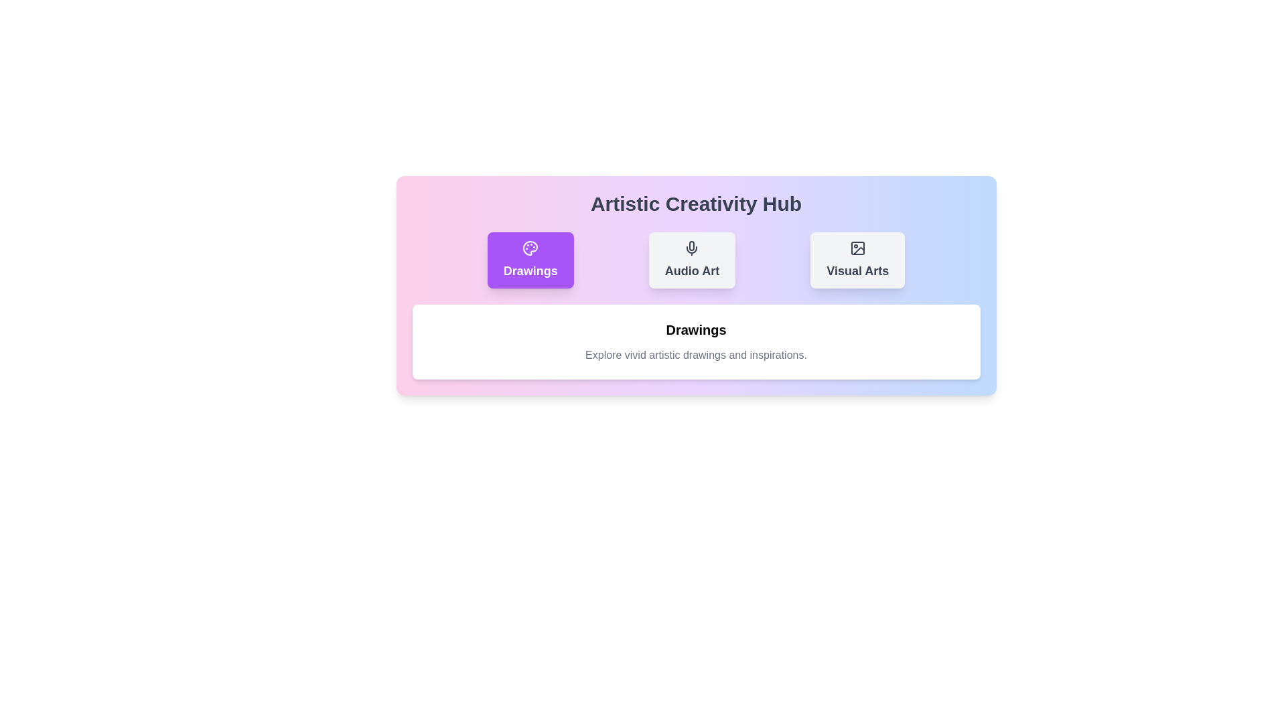 The width and height of the screenshot is (1286, 723). Describe the element at coordinates (530, 260) in the screenshot. I see `the button labeled Drawings to observe its hover effect` at that location.